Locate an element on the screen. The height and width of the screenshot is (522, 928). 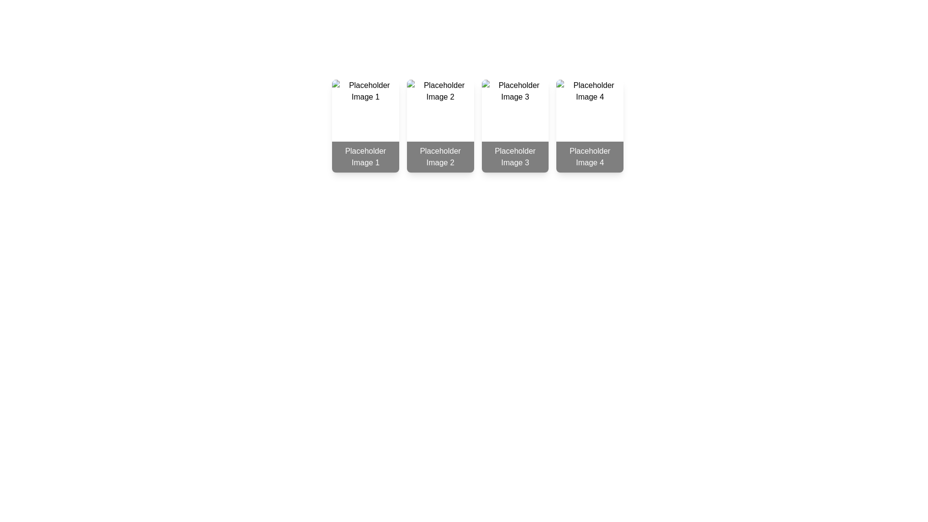
text label located at the bottom of the third card in a horizontally aligned group of four cards, which provides descriptive information about the displayed content is located at coordinates (514, 156).